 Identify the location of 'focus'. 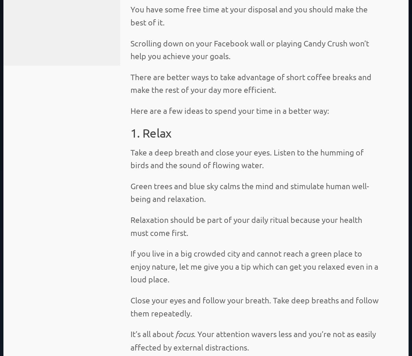
(184, 334).